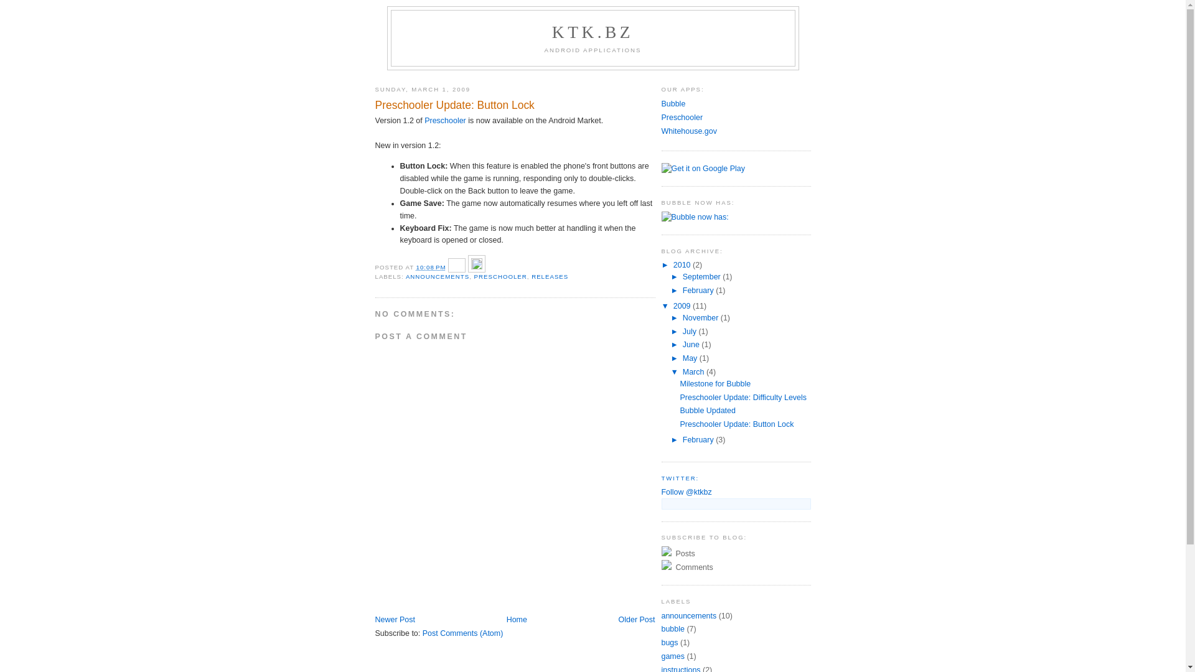 This screenshot has height=672, width=1195. What do you see at coordinates (393, 619) in the screenshot?
I see `'Newer Post'` at bounding box center [393, 619].